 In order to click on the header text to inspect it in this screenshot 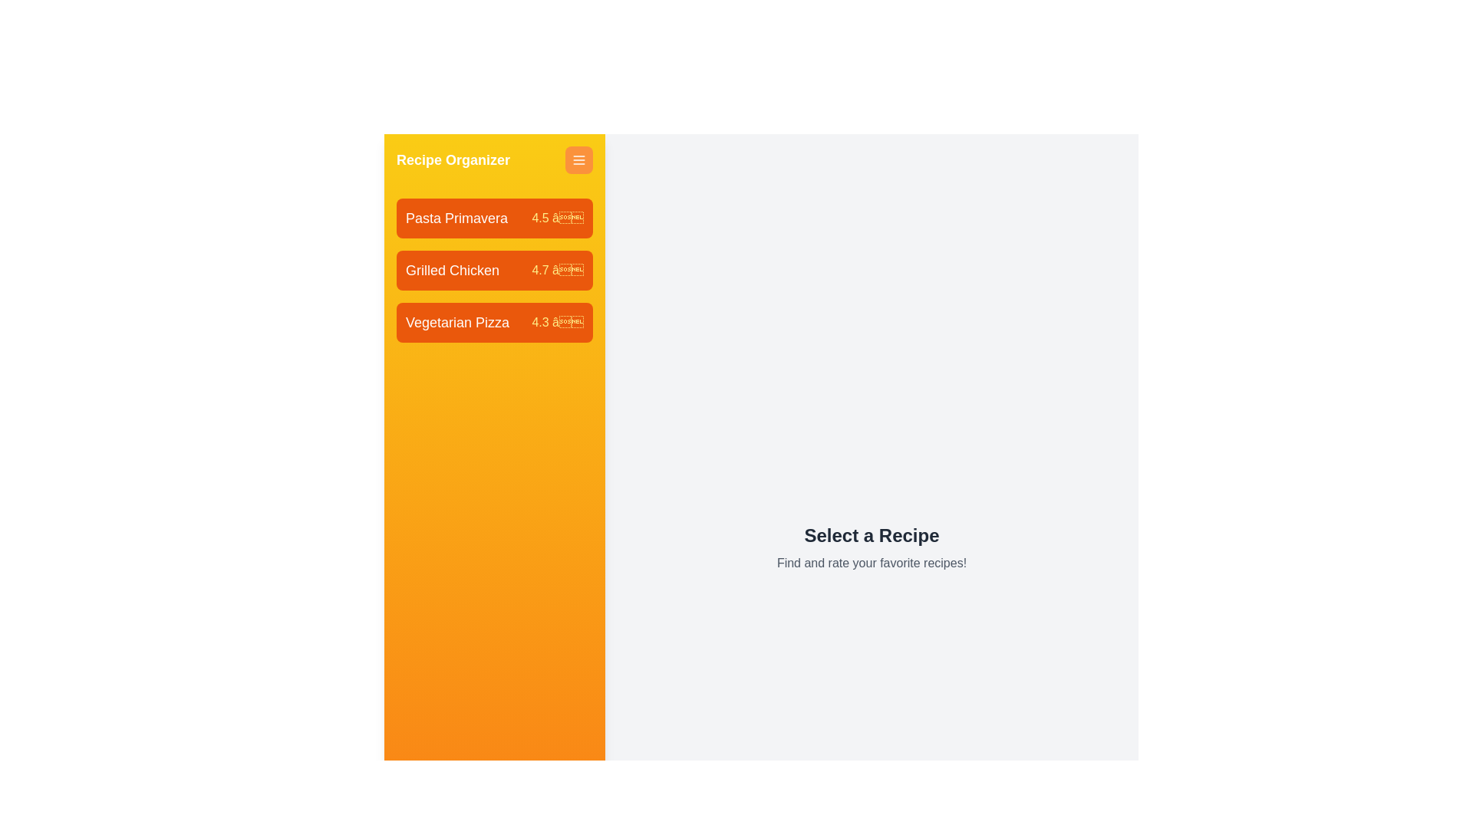, I will do `click(494, 159)`.